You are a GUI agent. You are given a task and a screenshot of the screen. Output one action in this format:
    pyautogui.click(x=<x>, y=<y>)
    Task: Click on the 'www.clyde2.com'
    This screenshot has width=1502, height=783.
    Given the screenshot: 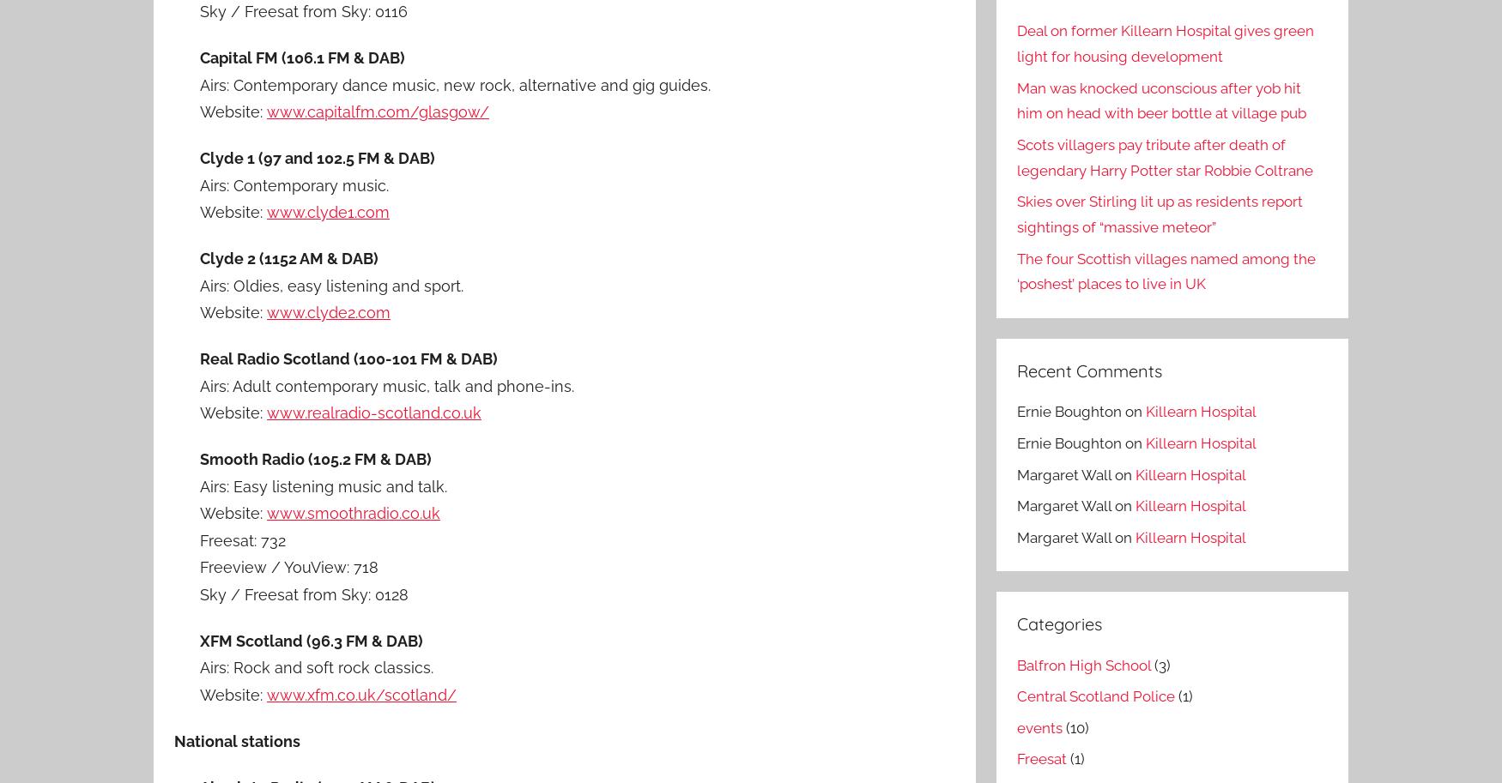 What is the action you would take?
    pyautogui.click(x=328, y=312)
    